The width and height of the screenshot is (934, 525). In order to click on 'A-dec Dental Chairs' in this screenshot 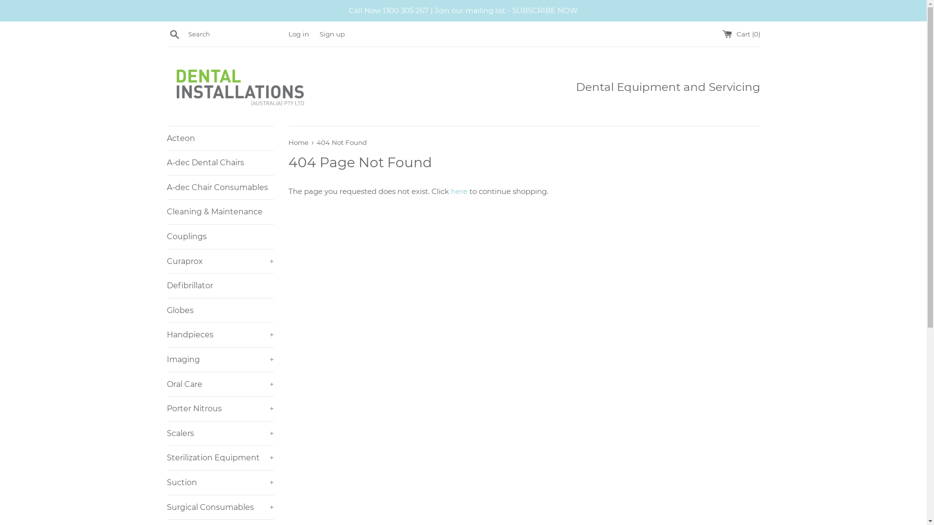, I will do `click(219, 162)`.